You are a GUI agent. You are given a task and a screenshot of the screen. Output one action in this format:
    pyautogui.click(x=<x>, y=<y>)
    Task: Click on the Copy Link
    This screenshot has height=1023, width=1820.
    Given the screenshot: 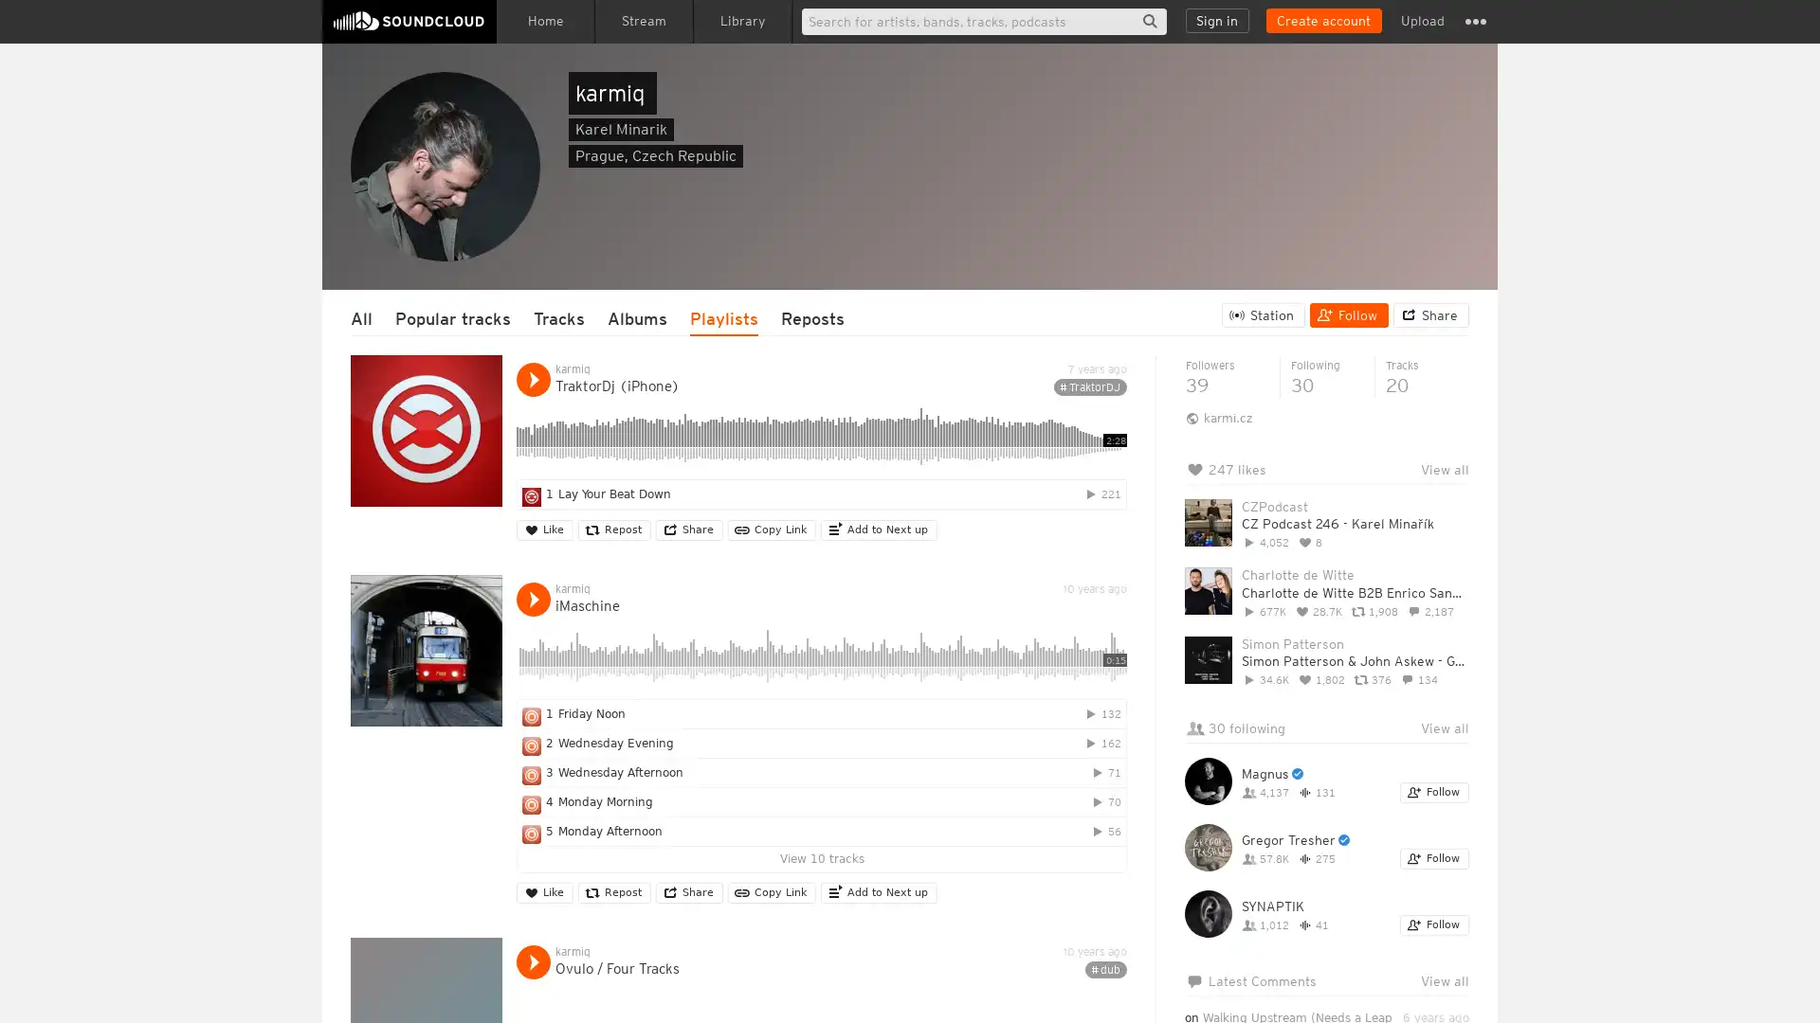 What is the action you would take?
    pyautogui.click(x=772, y=529)
    